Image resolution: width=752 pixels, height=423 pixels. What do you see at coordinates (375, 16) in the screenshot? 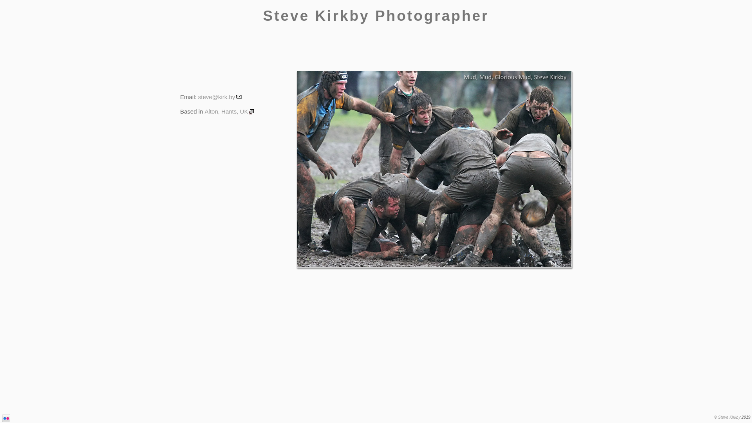
I see `'Steve Kirkby Photographer'` at bounding box center [375, 16].